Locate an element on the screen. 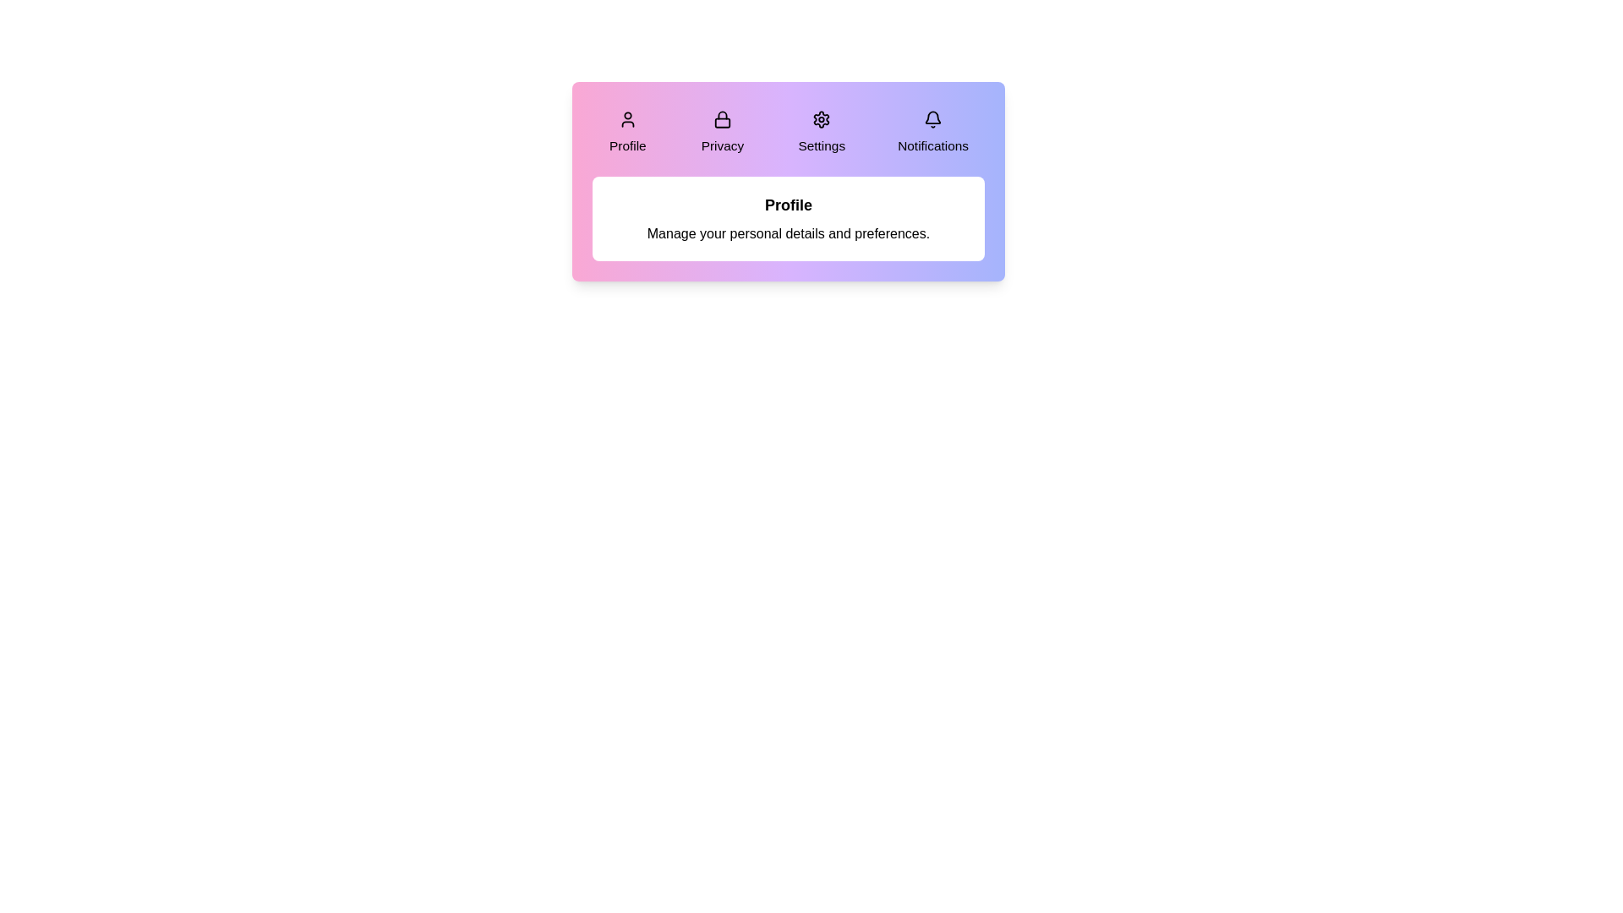  the icon of the tab labeled Settings is located at coordinates (822, 118).